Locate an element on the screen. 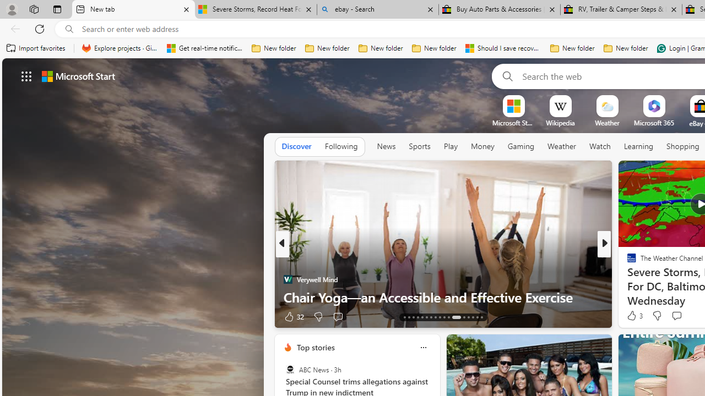 This screenshot has width=705, height=396. 'TheStreet' is located at coordinates (627, 278).